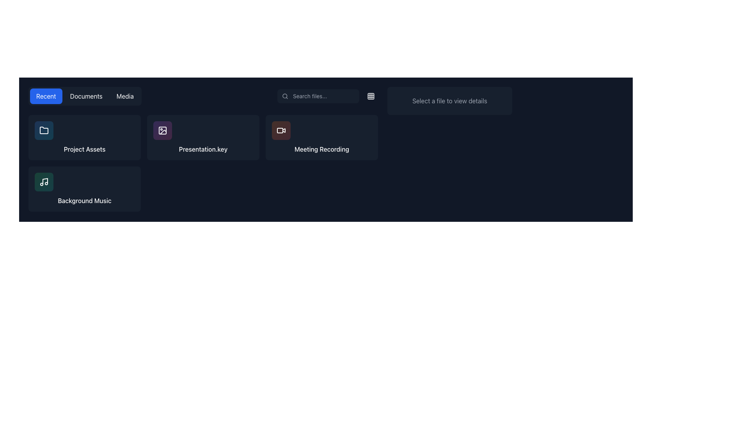 This screenshot has width=749, height=421. Describe the element at coordinates (84, 149) in the screenshot. I see `the static text label element that displays 'Project Assets', which is styled in white font on a dark background and is located directly beneath a folder icon` at that location.